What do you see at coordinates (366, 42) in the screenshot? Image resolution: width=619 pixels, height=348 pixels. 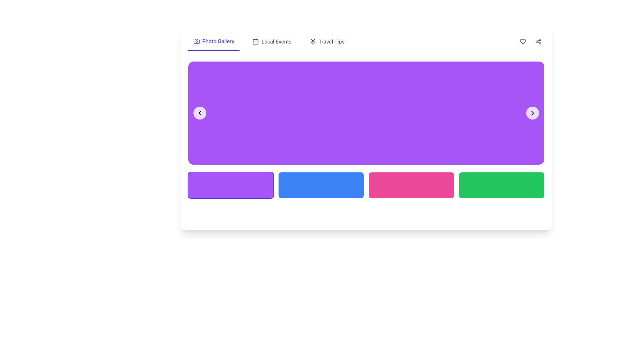 I see `the 'Photo Gallery', 'Local Events', and 'Travel Tips' sections of the Navigation bar` at bounding box center [366, 42].